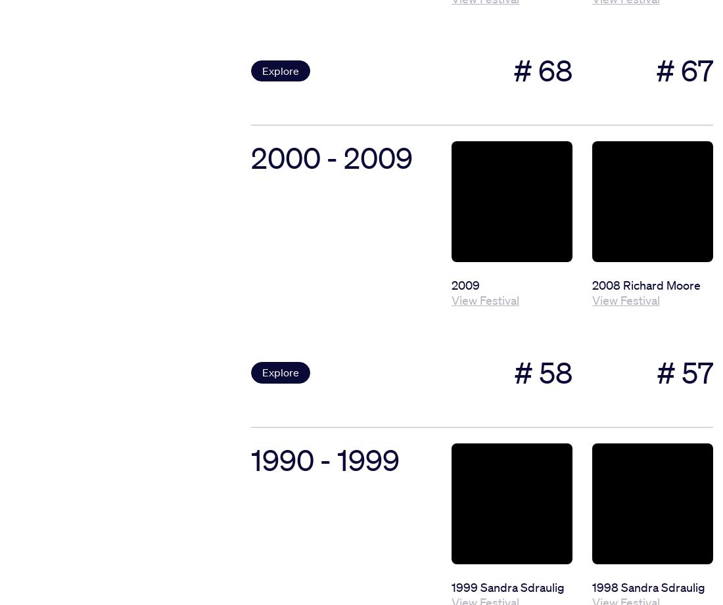 This screenshot has width=723, height=605. I want to click on '2009', so click(451, 284).